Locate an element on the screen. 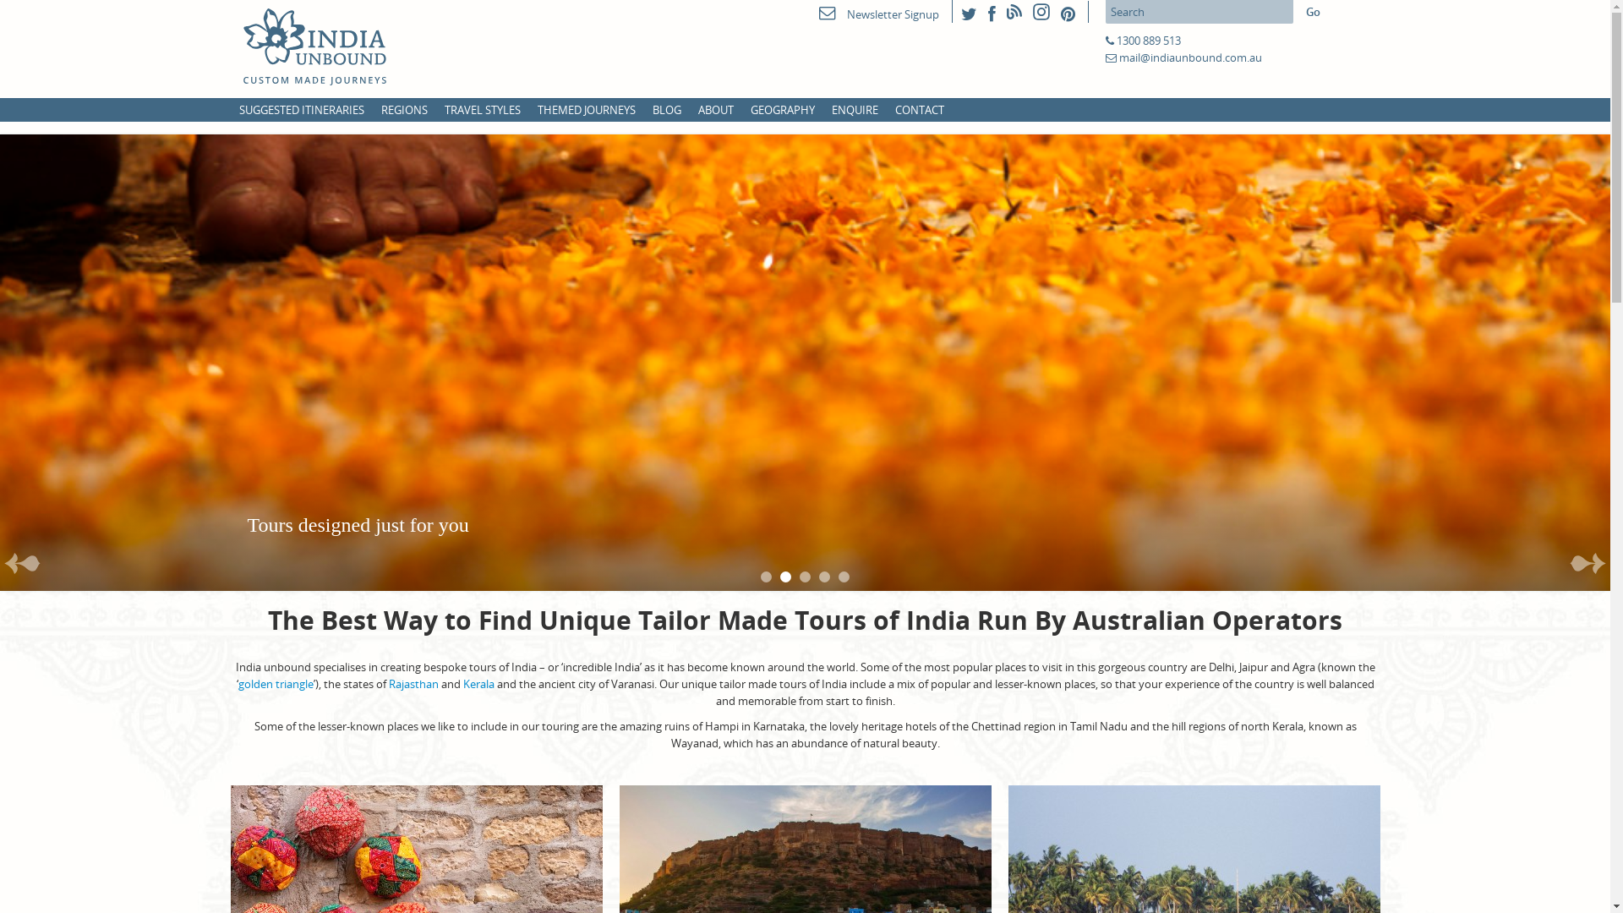 This screenshot has height=913, width=1623. 'Newsletter Signup' is located at coordinates (877, 14).